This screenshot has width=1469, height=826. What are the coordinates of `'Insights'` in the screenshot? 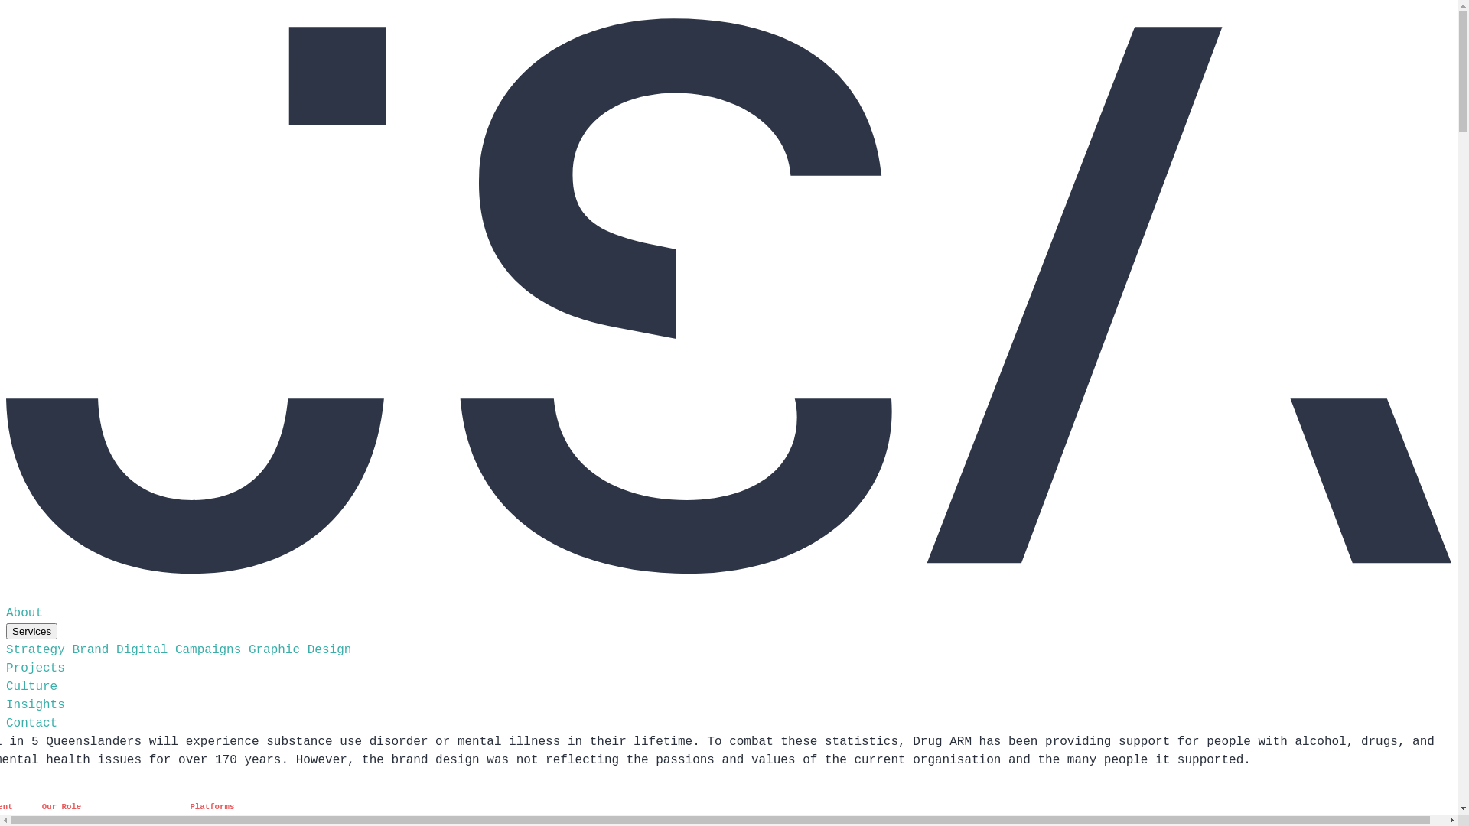 It's located at (35, 704).